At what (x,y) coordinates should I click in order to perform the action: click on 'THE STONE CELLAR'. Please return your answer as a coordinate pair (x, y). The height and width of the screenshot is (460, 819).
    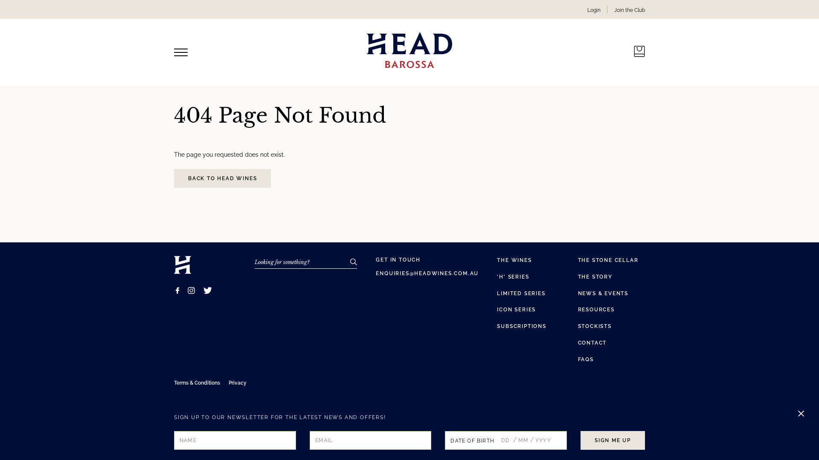
    Looking at the image, I should click on (607, 259).